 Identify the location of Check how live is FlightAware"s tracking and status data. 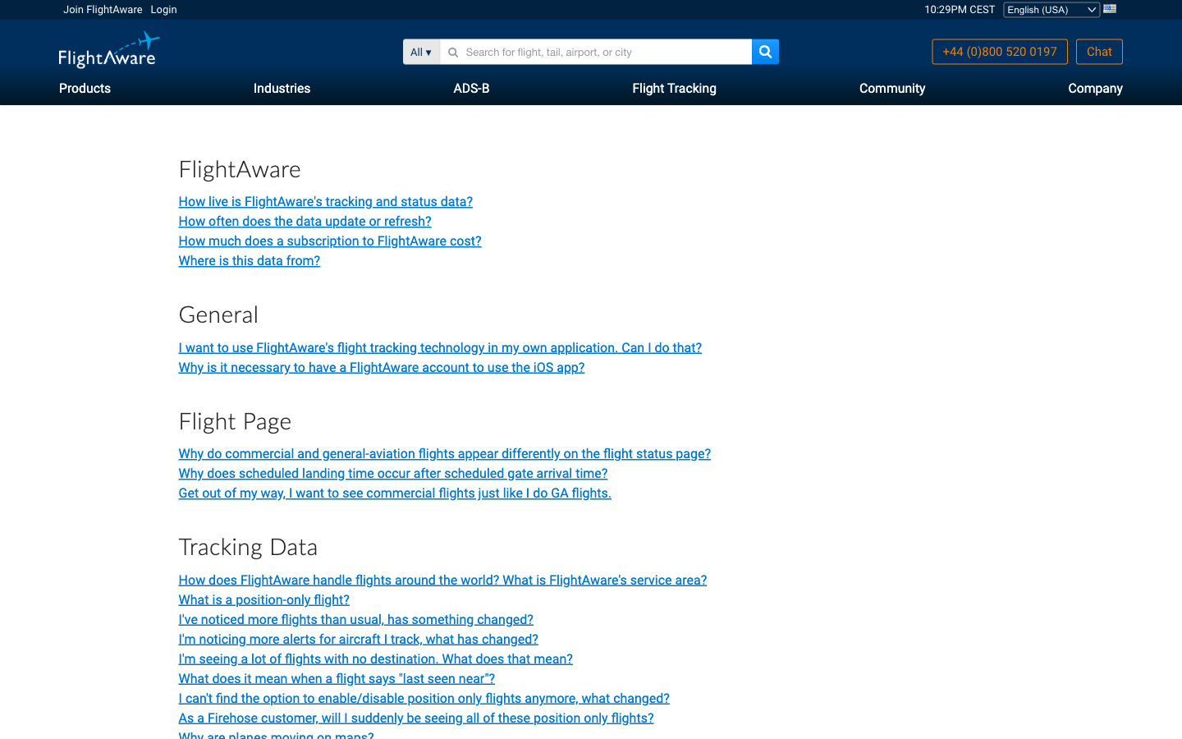
(359, 638).